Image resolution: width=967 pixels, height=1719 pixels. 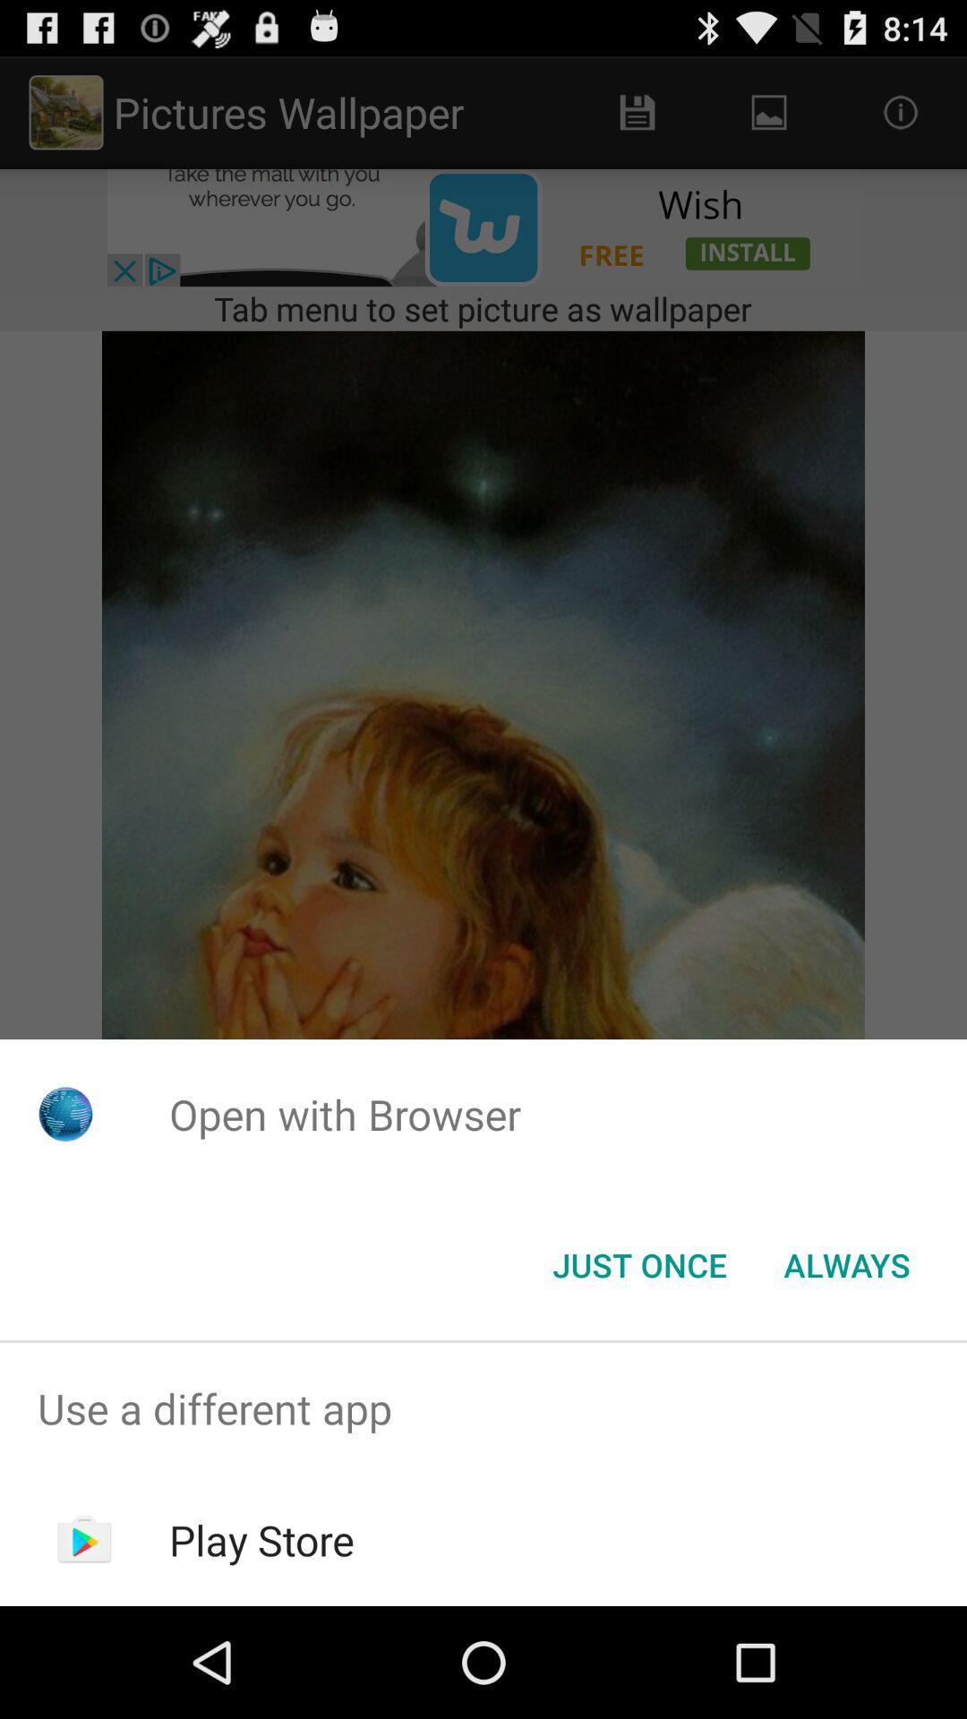 What do you see at coordinates (483, 1407) in the screenshot?
I see `the use a different app` at bounding box center [483, 1407].